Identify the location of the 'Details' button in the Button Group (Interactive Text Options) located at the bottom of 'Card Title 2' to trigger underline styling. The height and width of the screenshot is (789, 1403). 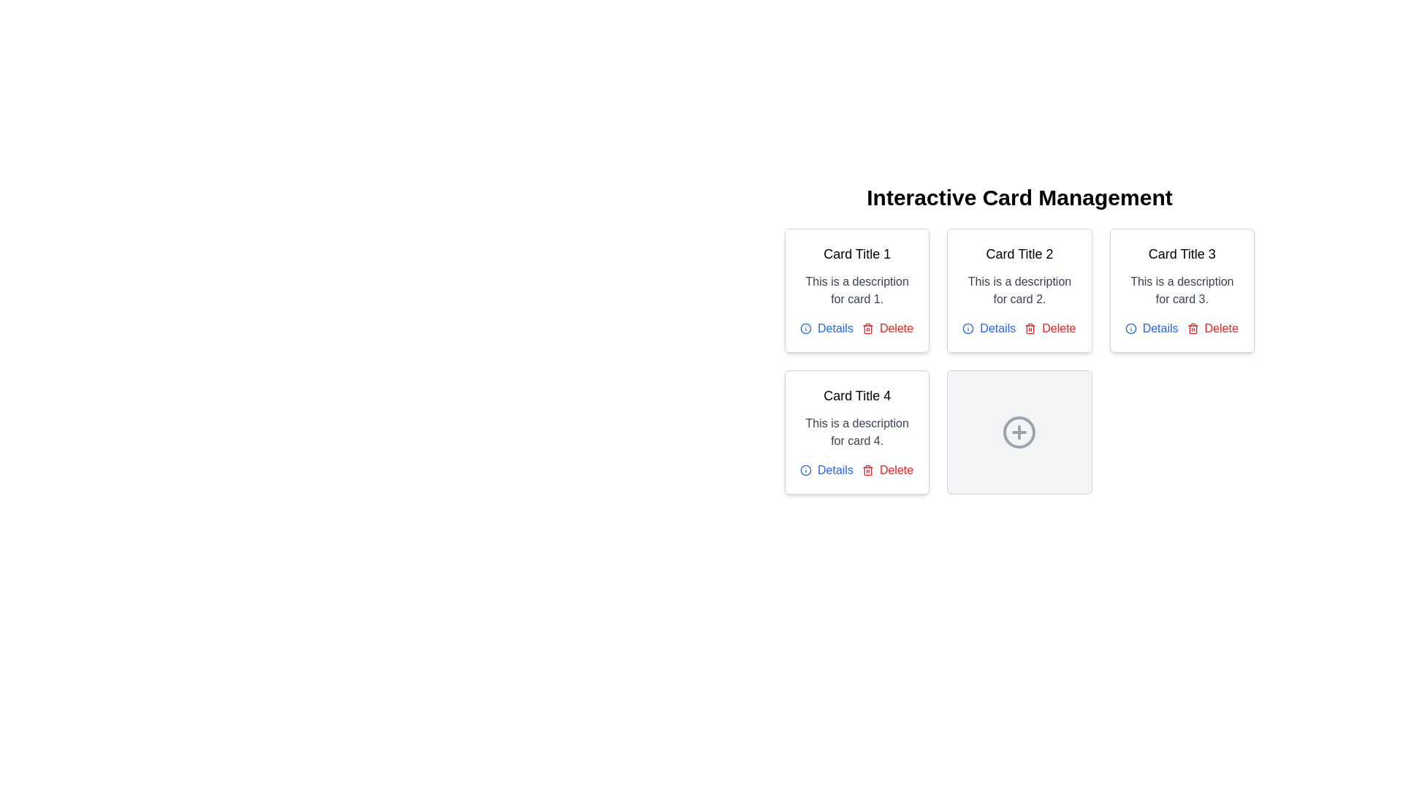
(1019, 329).